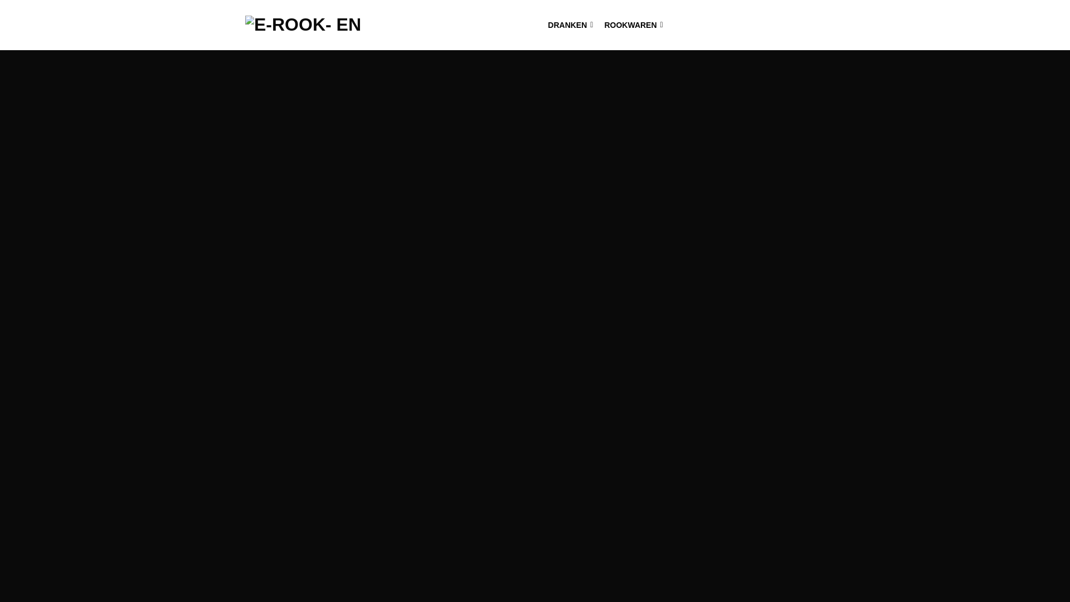  Describe the element at coordinates (0, 0) in the screenshot. I see `'Skip to content'` at that location.